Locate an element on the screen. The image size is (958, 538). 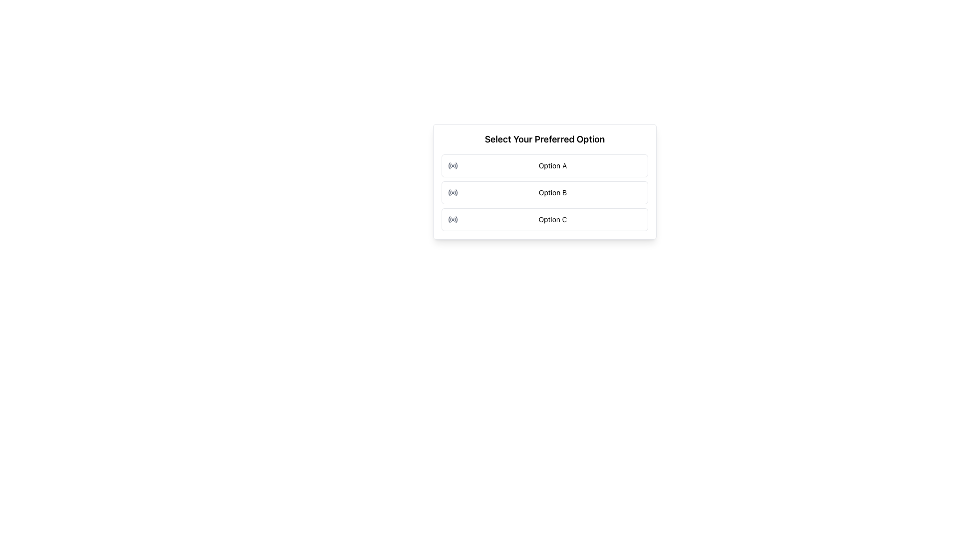
the radio button labeled 'Option A' is located at coordinates (452, 165).